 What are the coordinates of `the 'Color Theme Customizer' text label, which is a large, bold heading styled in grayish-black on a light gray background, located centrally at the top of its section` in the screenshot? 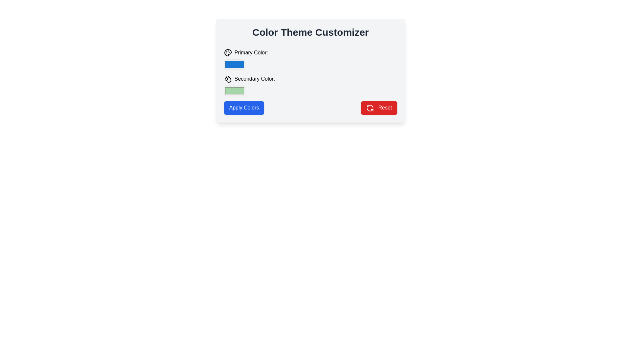 It's located at (310, 32).